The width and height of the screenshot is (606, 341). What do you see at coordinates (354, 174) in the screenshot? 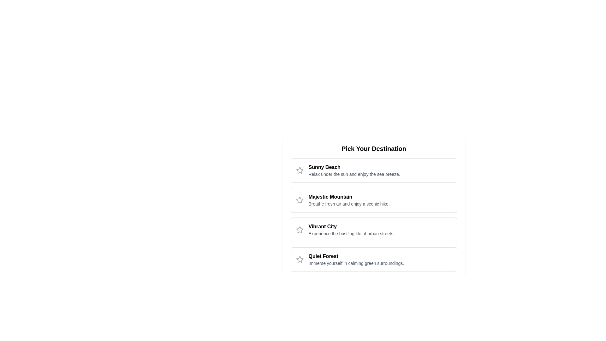
I see `the text display that reads 'Relax under the sun and enjoy the sea breeze.', which is styled in a gray, slightly smaller font and positioned beneath 'Sunny Beach'` at bounding box center [354, 174].